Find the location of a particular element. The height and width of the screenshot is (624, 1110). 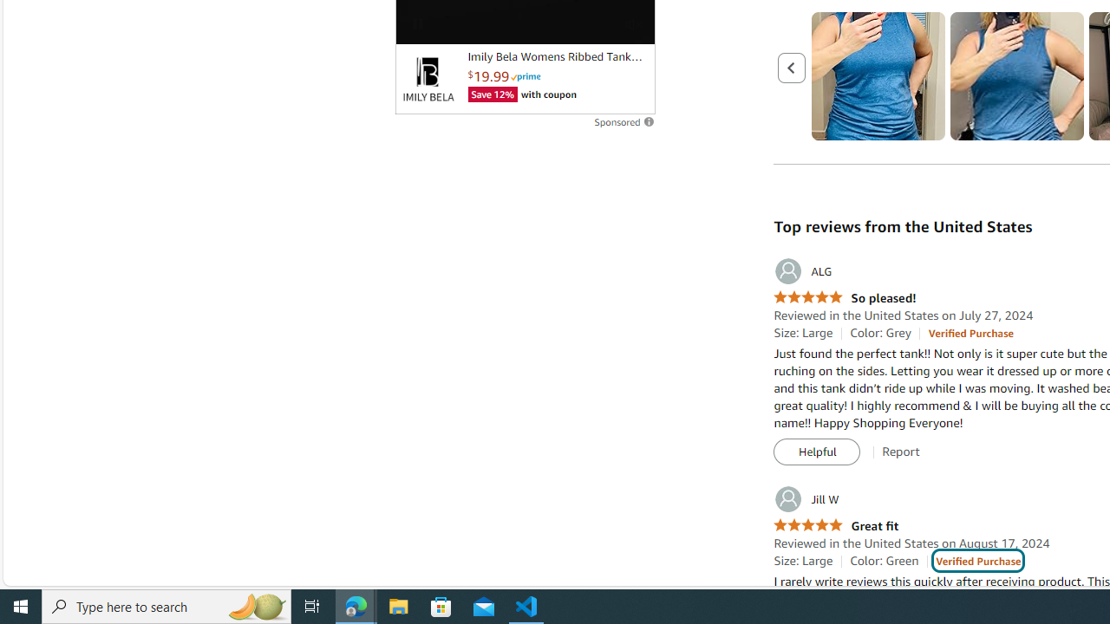

'Report' is located at coordinates (901, 451).